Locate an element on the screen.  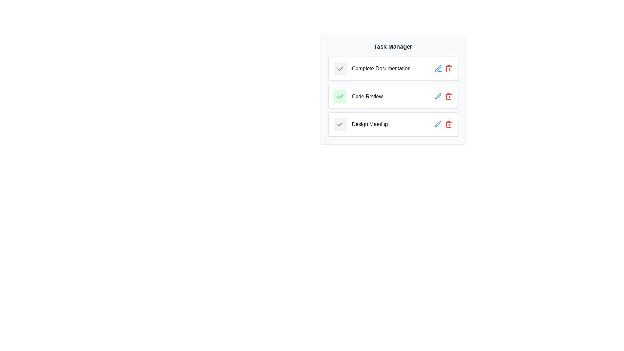
the 'Design Meeting' static text label, which is styled in a medium-weight gray font and located in the third row of the task list component, adjacent to action buttons is located at coordinates (370, 124).